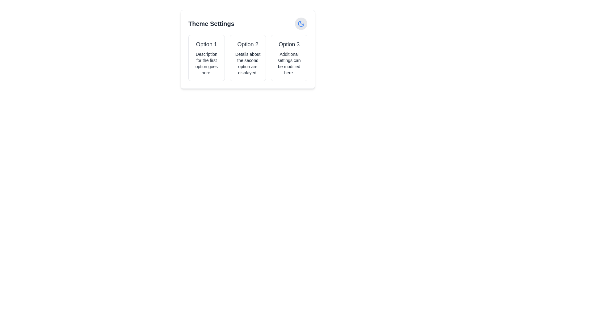 The image size is (593, 333). I want to click on one of the options in the Informational Panel located below the 'Theme Settings' title, so click(248, 58).